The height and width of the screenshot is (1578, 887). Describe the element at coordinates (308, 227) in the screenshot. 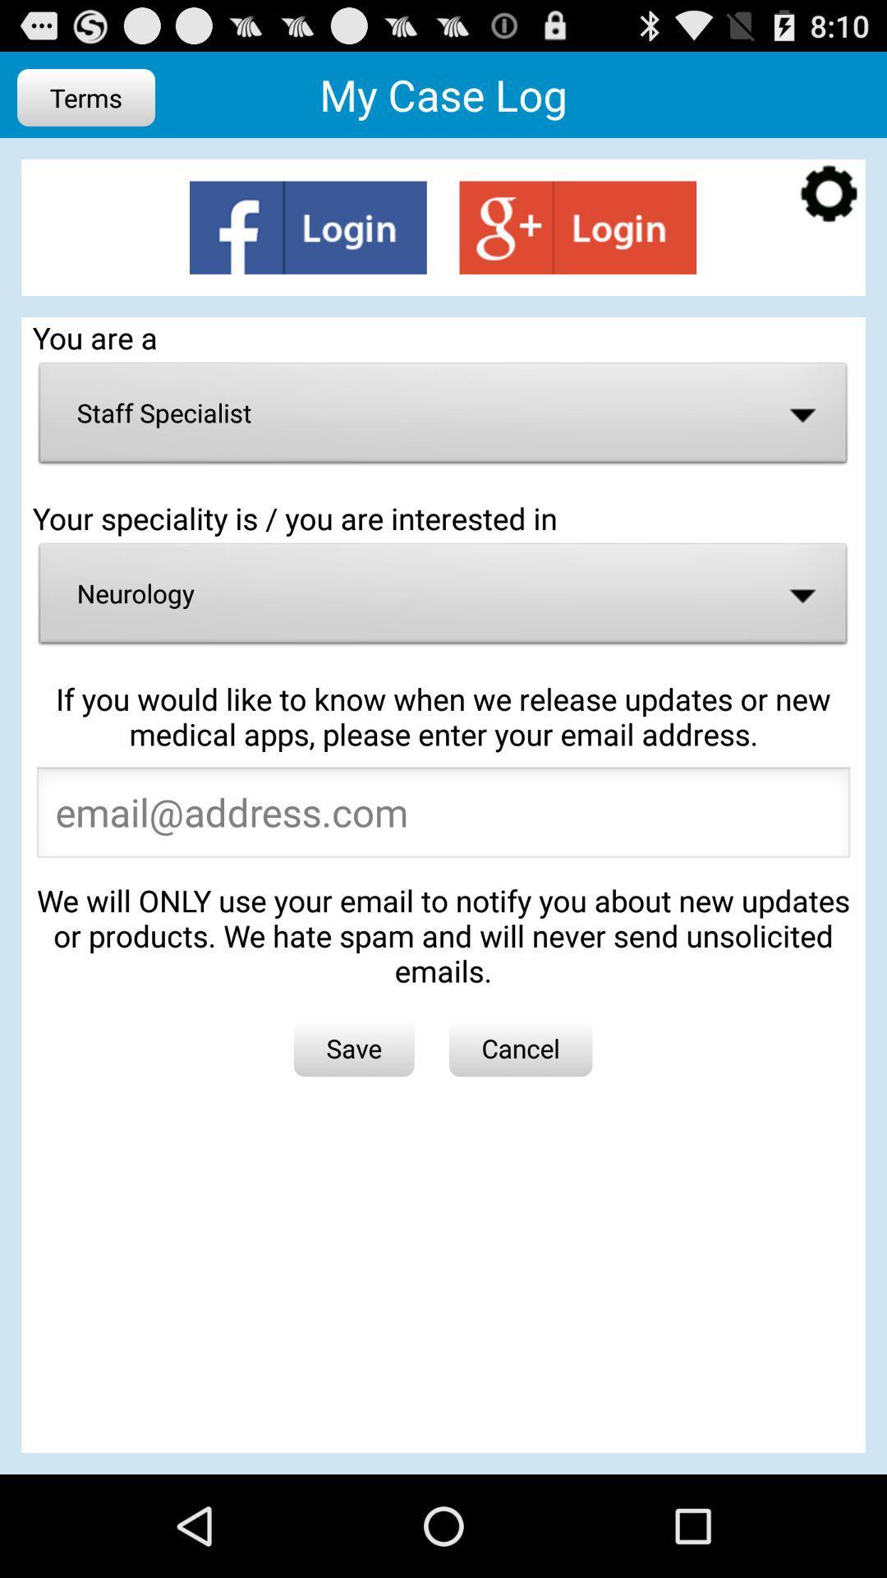

I see `facebook` at that location.